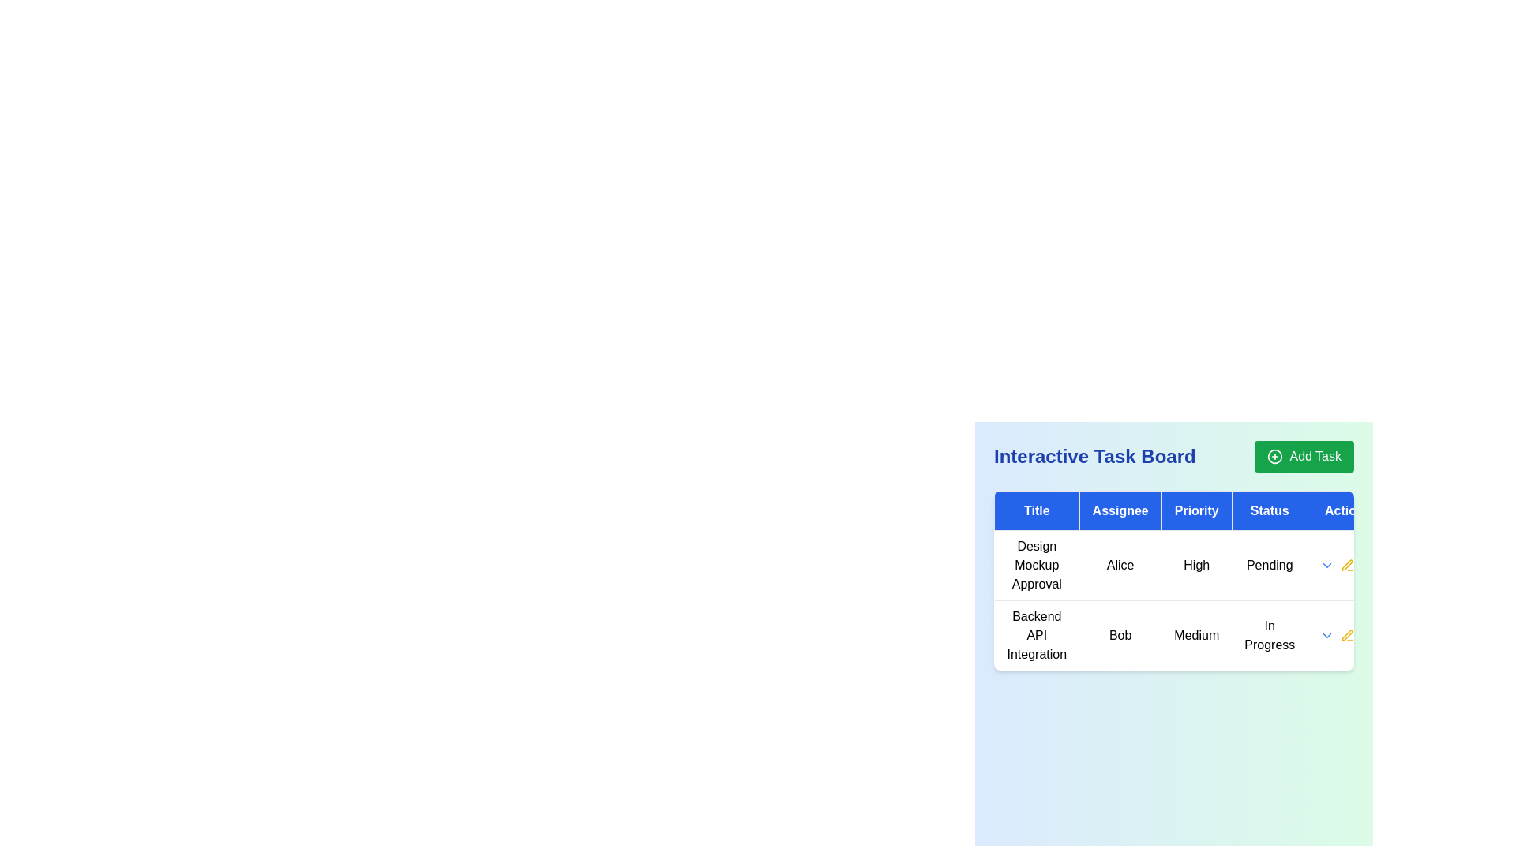  I want to click on the text label displaying 'In Progress' in the second row of the 'Status' column in the 'Interactive Task Board.', so click(1270, 634).